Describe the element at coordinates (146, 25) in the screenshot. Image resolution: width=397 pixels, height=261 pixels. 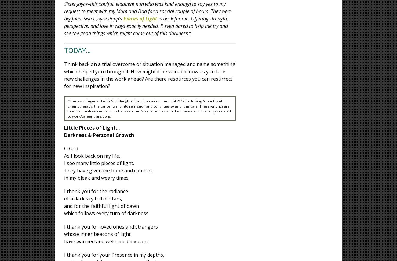
I see `'is back for me. Offering strength, perspective, and love in ways exactly needed. It even dared to help me try and see the good things which might come out of this darkness.”'` at that location.